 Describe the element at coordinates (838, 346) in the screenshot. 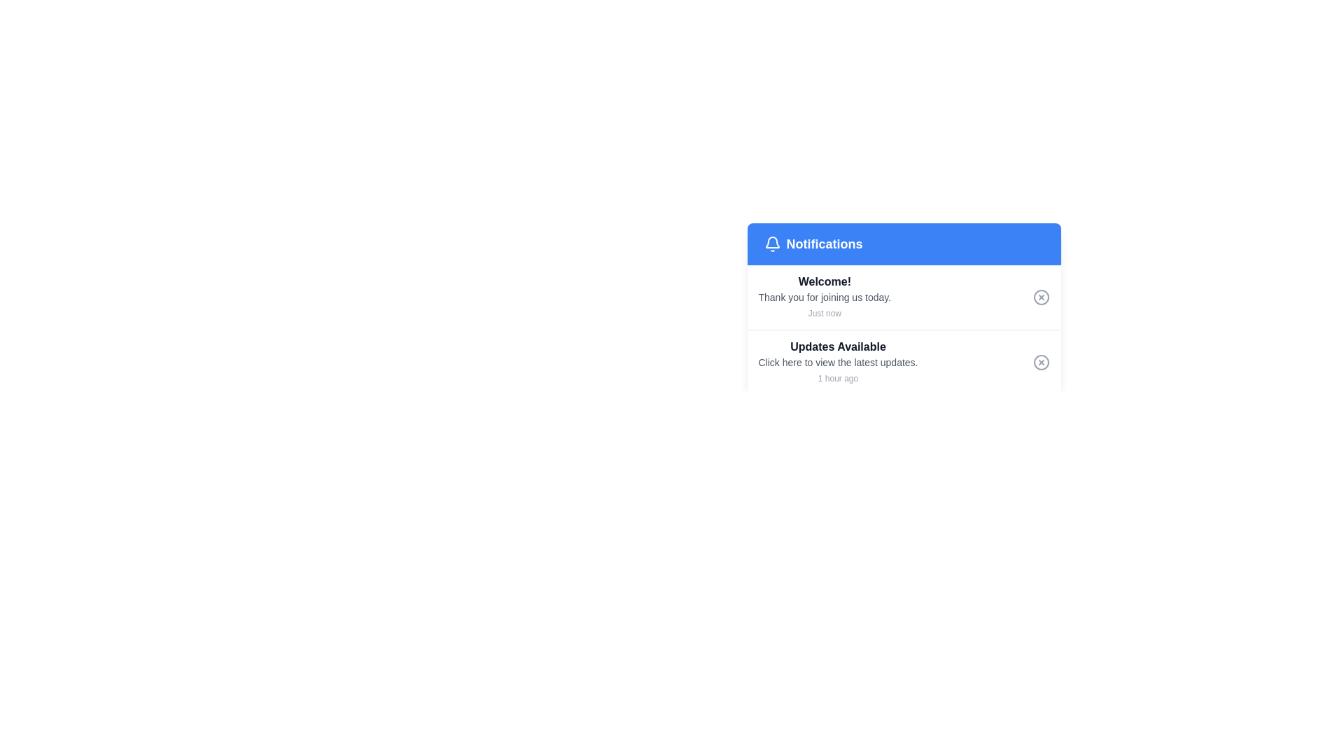

I see `text label indicating the availability of updates, positioned as the first line of the second notification item under the title 'Notifications'` at that location.